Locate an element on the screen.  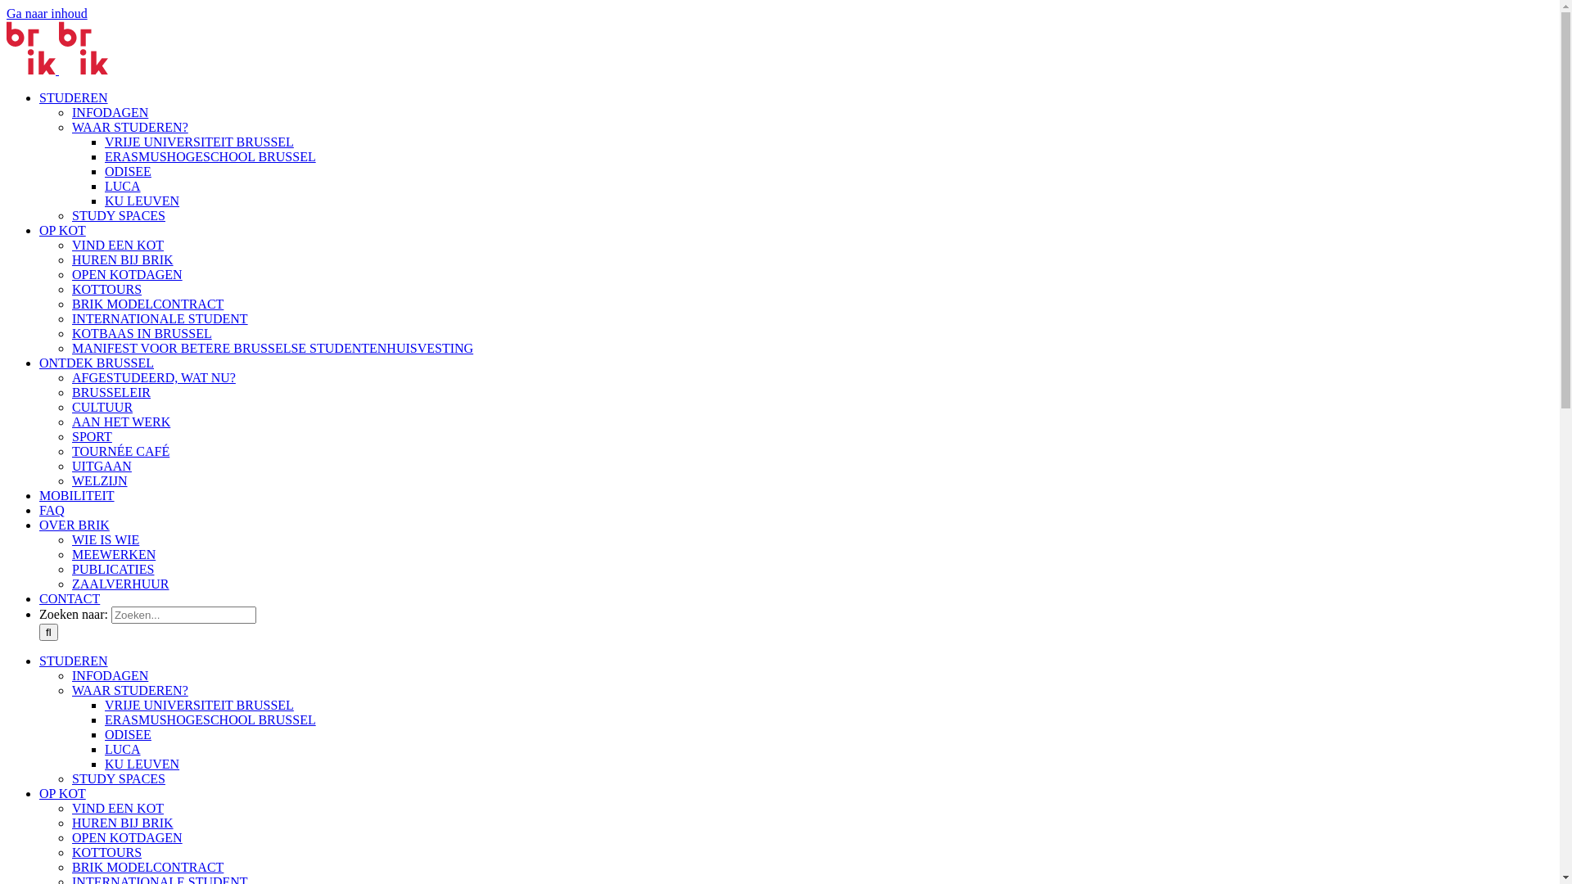
'STUDY SPACES' is located at coordinates (117, 778).